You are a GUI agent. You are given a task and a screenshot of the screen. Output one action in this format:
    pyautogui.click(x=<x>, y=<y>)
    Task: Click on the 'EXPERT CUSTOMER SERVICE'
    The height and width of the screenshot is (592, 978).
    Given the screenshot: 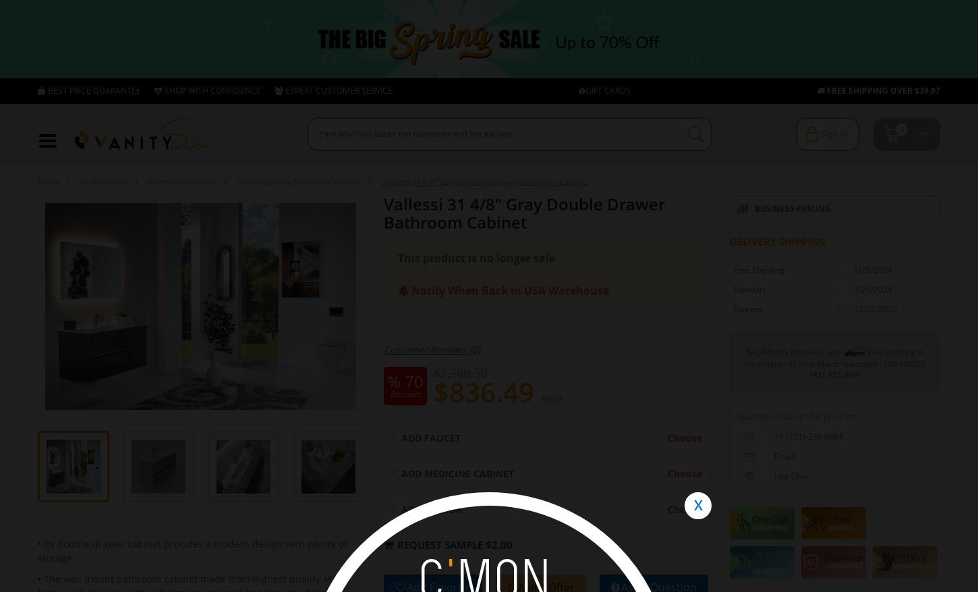 What is the action you would take?
    pyautogui.click(x=337, y=90)
    